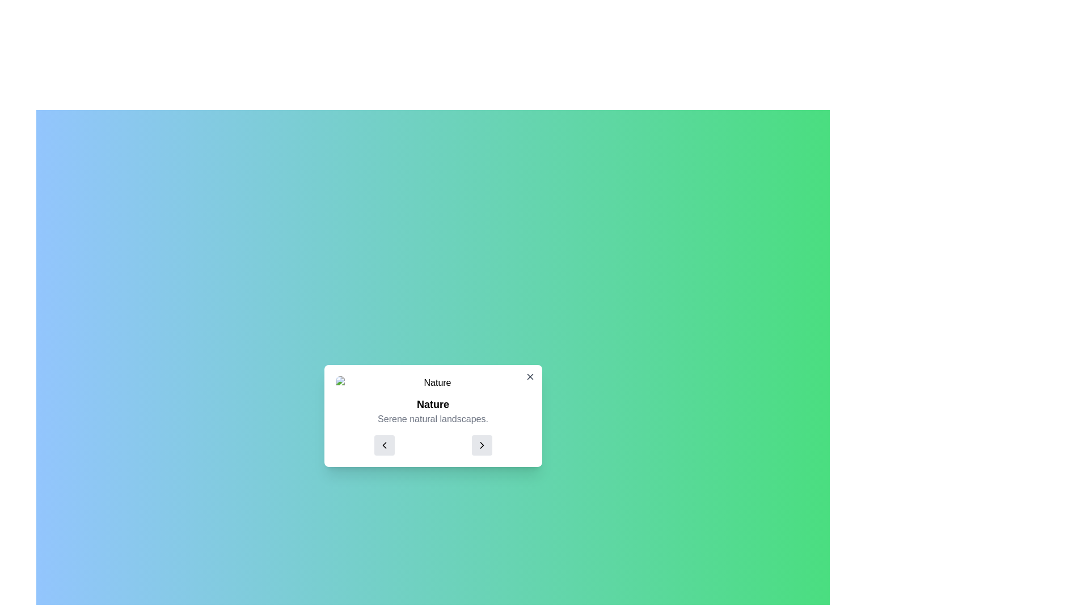  What do you see at coordinates (482, 445) in the screenshot?
I see `the chevron arrow icon pointing to the right located at the bottom-right corner of the modal dialog` at bounding box center [482, 445].